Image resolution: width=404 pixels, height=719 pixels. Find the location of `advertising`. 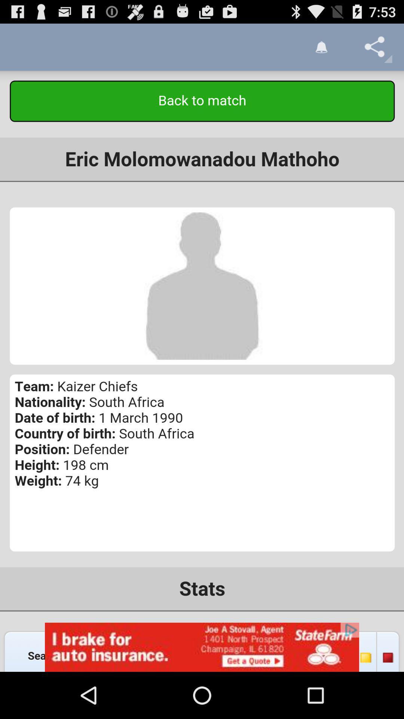

advertising is located at coordinates (202, 647).